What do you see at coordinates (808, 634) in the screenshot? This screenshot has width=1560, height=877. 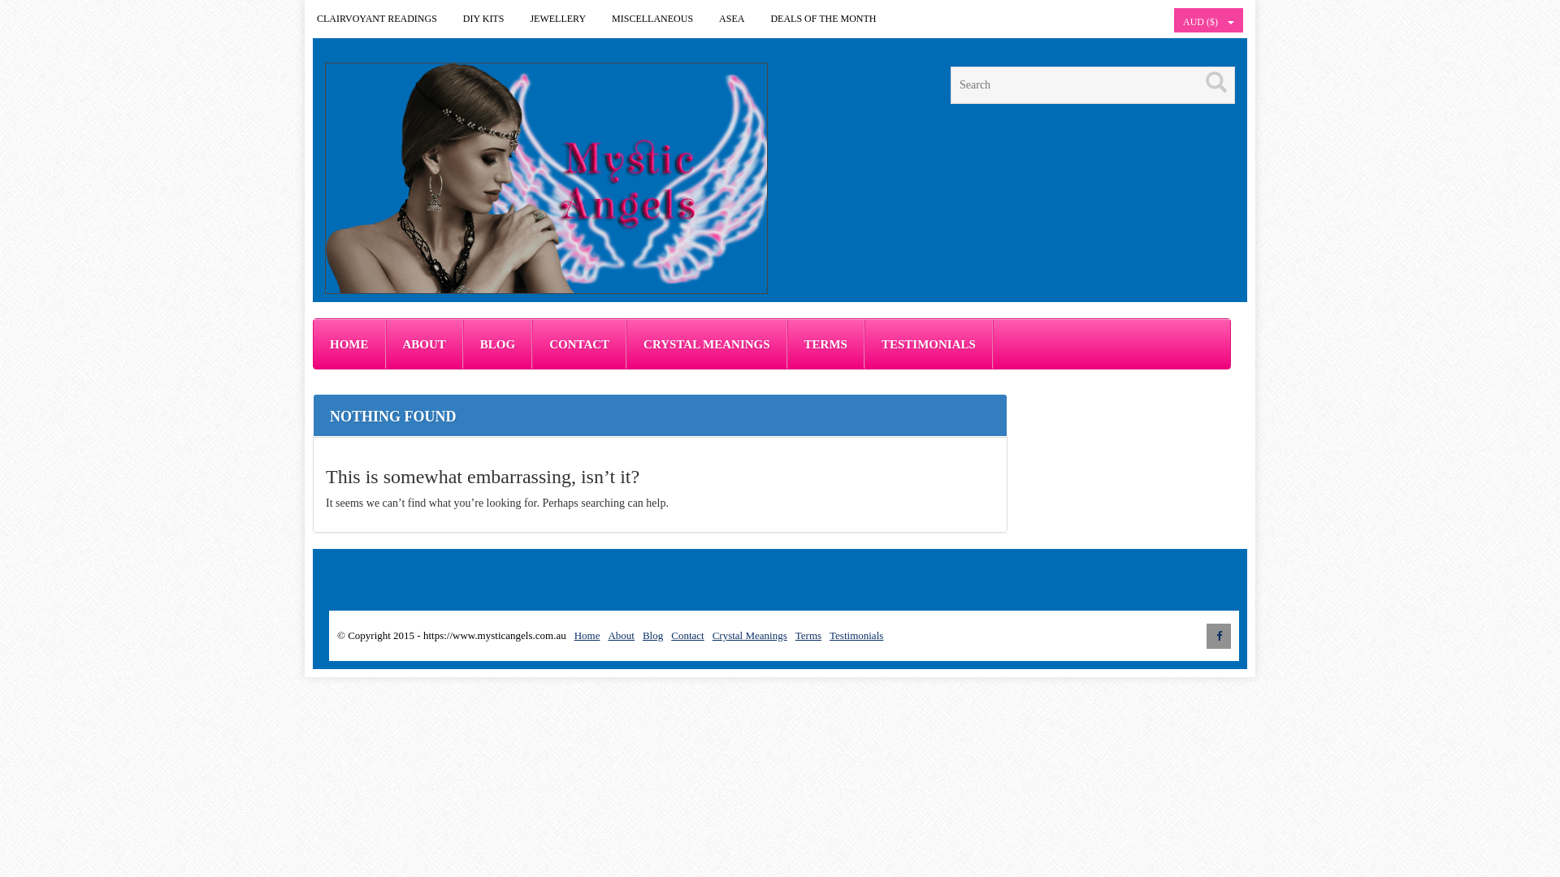 I see `'Terms'` at bounding box center [808, 634].